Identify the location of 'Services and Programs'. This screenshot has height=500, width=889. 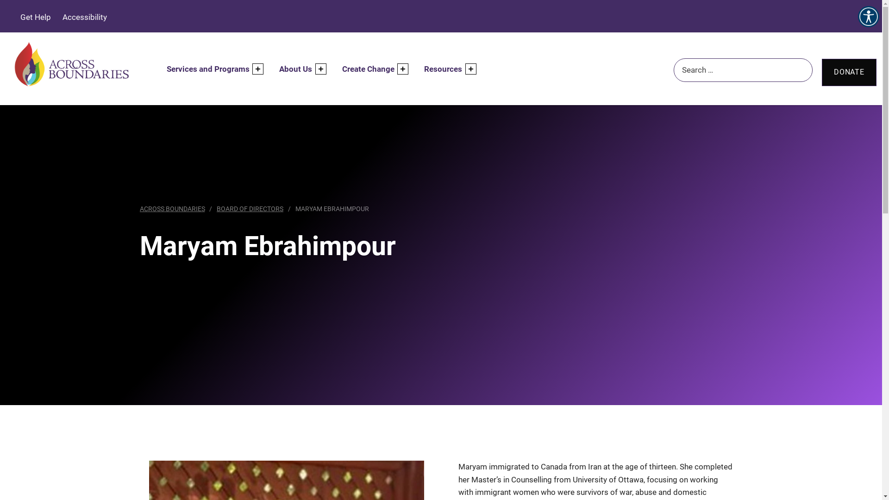
(209, 69).